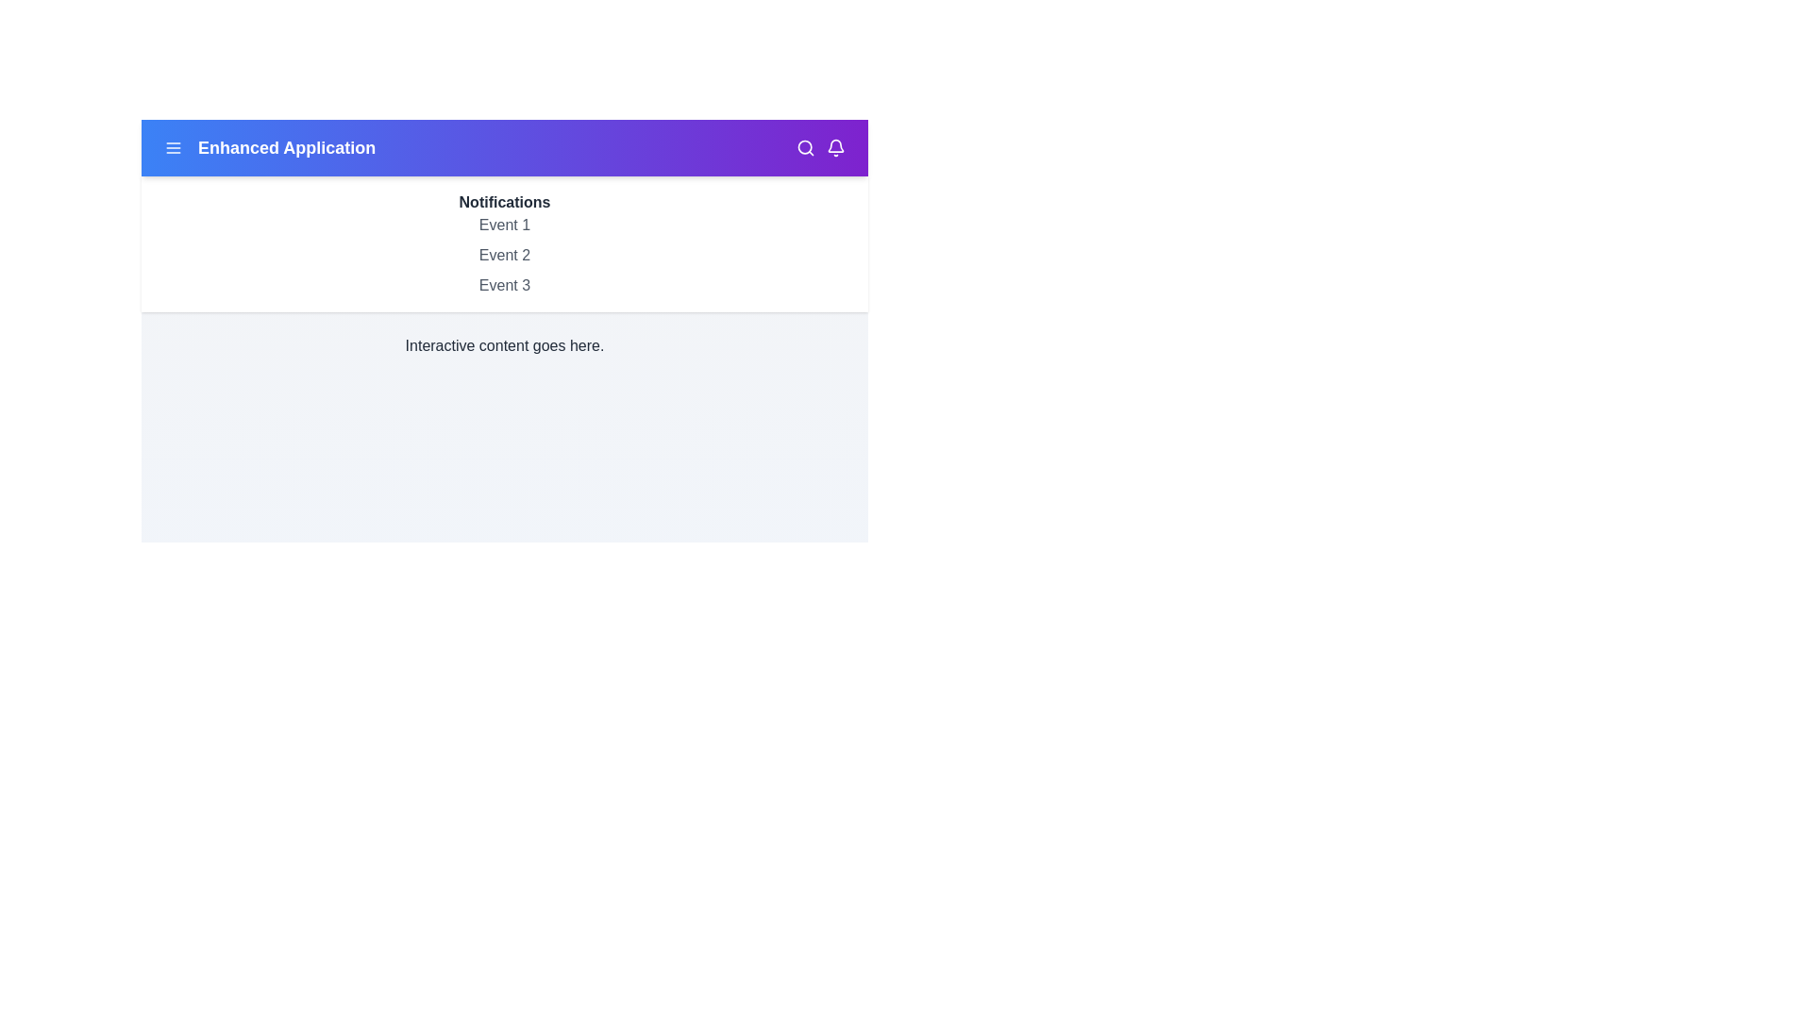 This screenshot has width=1812, height=1019. Describe the element at coordinates (835, 147) in the screenshot. I see `the bell icon to toggle the notifications panel` at that location.